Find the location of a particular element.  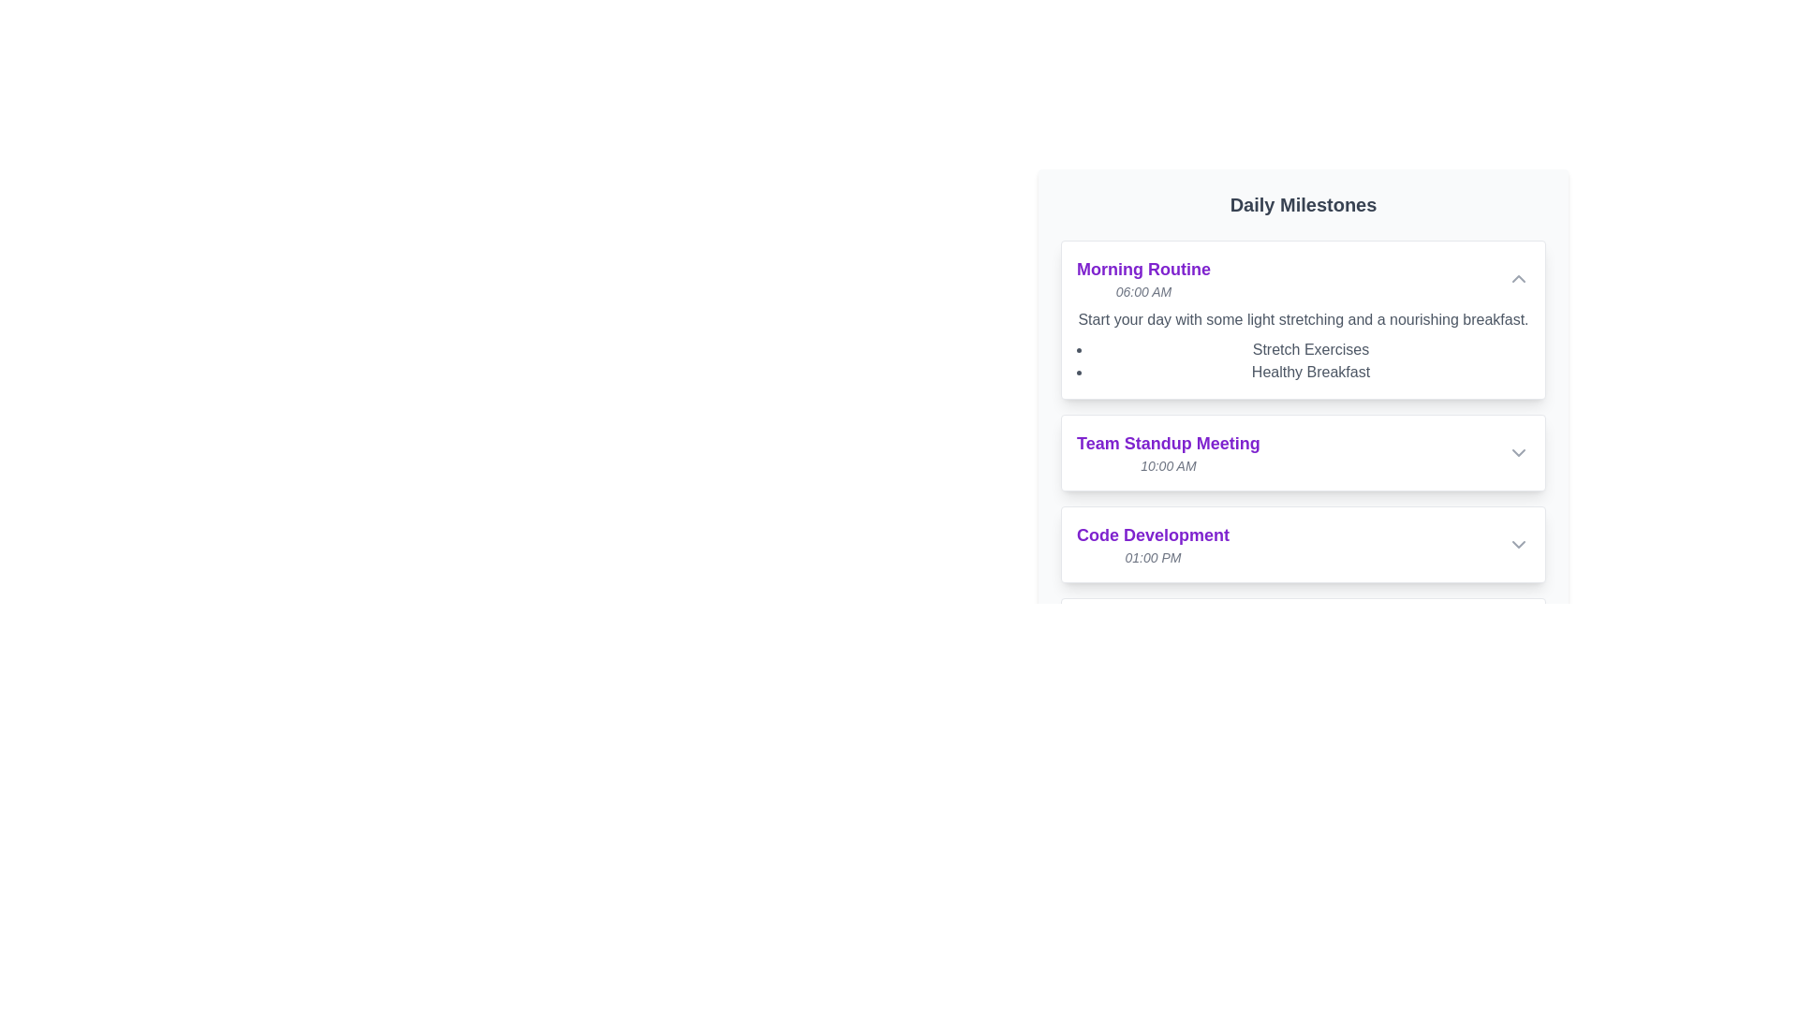

the upward-facing chevron icon button located in the top-right corner of the 'Morning Routine' section is located at coordinates (1519, 278).